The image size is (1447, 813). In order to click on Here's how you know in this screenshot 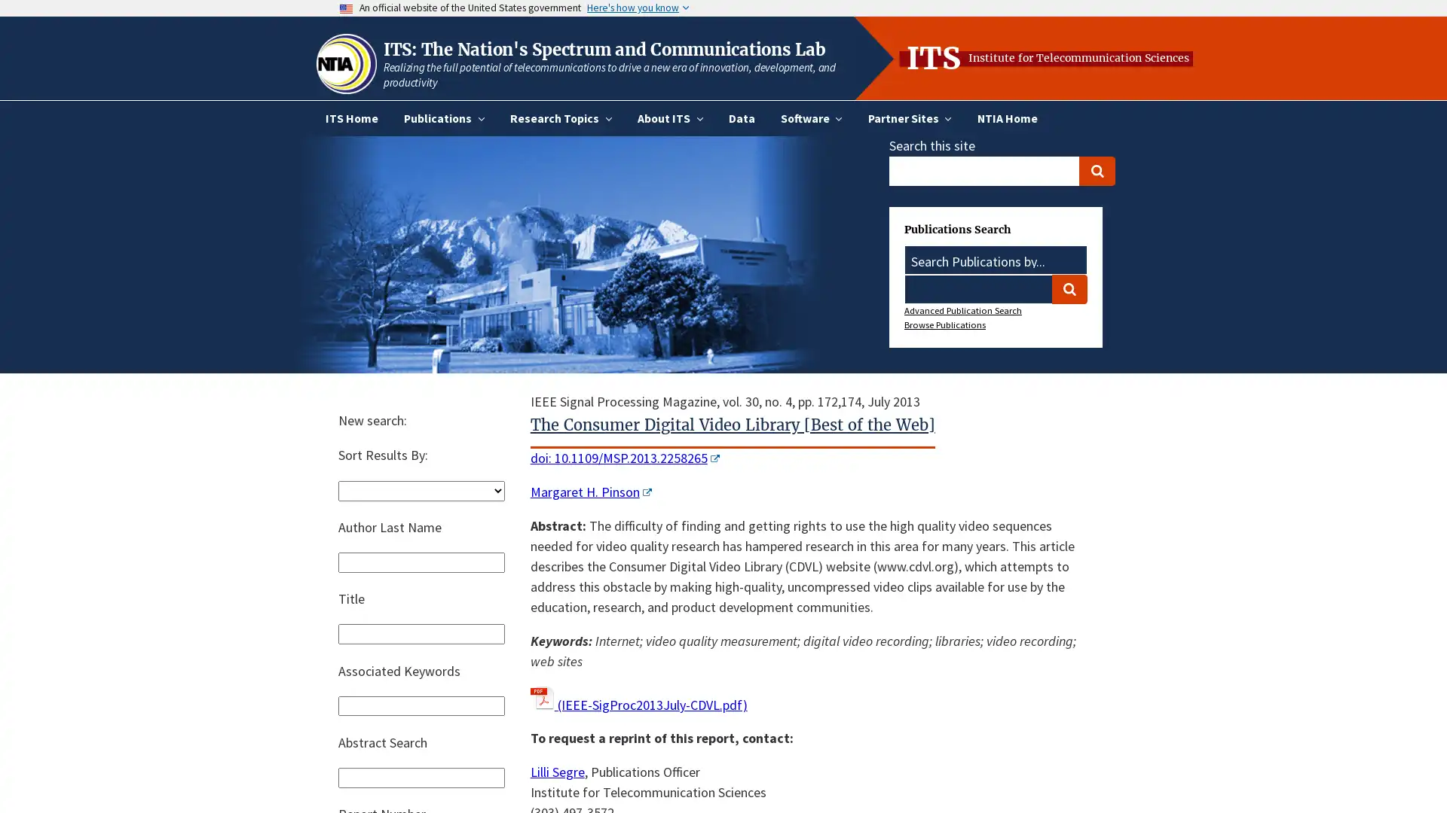, I will do `click(638, 8)`.